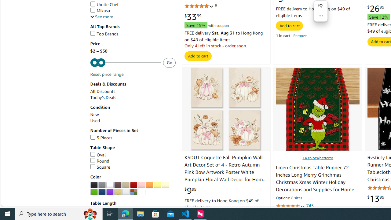 This screenshot has height=220, width=391. What do you see at coordinates (157, 185) in the screenshot?
I see `'AutomationID: p_n_feature_twenty_browse-bin/3254106011'` at bounding box center [157, 185].